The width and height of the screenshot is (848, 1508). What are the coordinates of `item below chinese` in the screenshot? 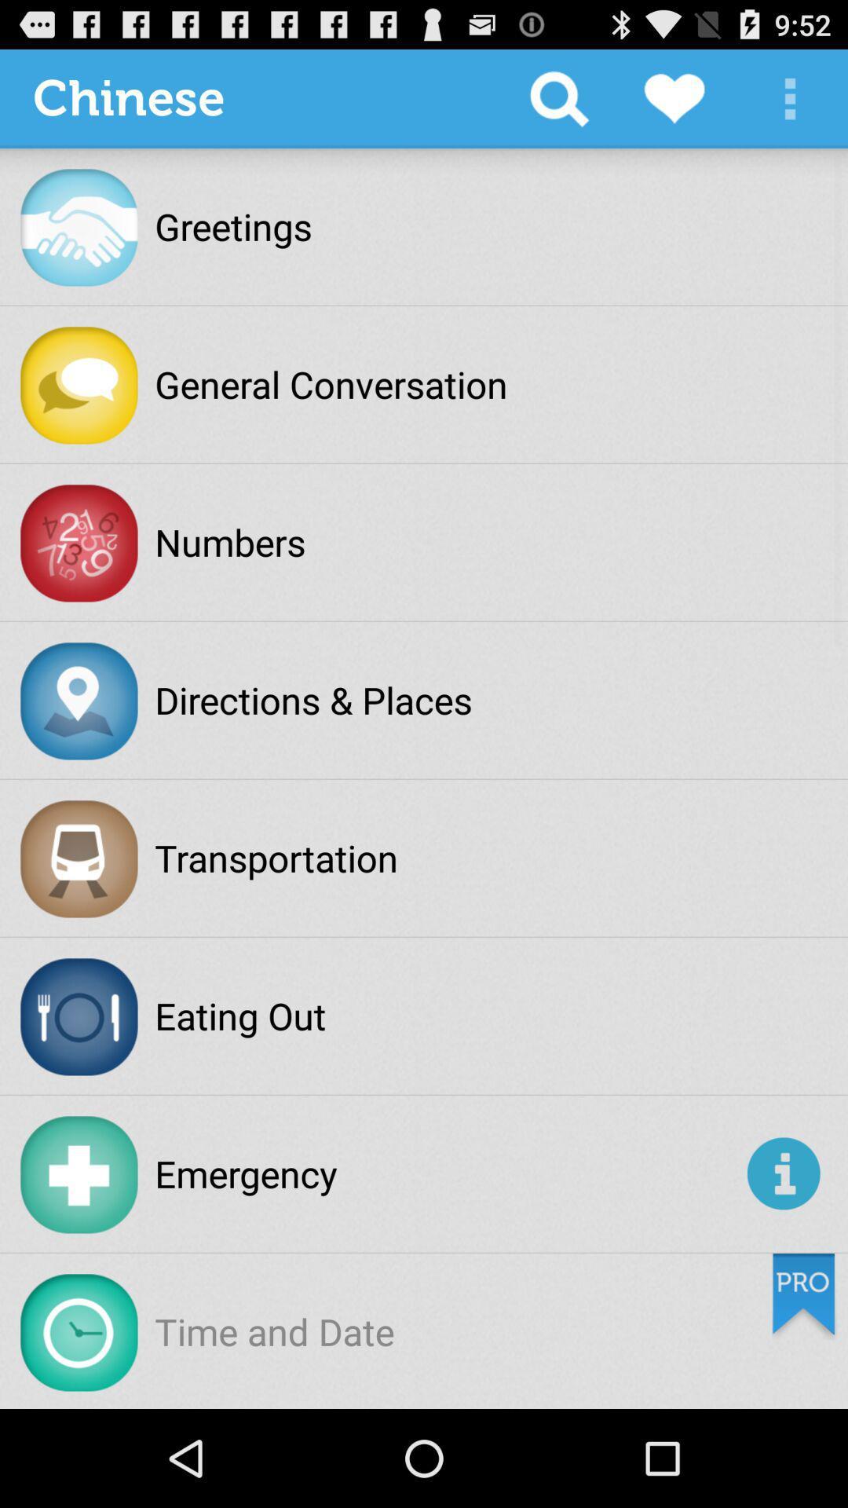 It's located at (233, 225).